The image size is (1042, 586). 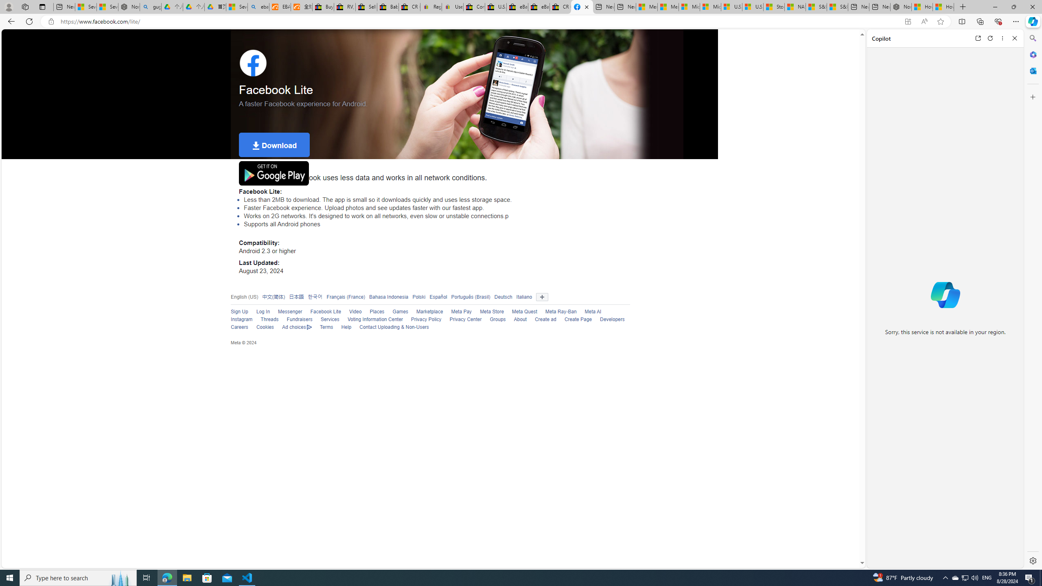 What do you see at coordinates (577, 319) in the screenshot?
I see `'Create Page'` at bounding box center [577, 319].